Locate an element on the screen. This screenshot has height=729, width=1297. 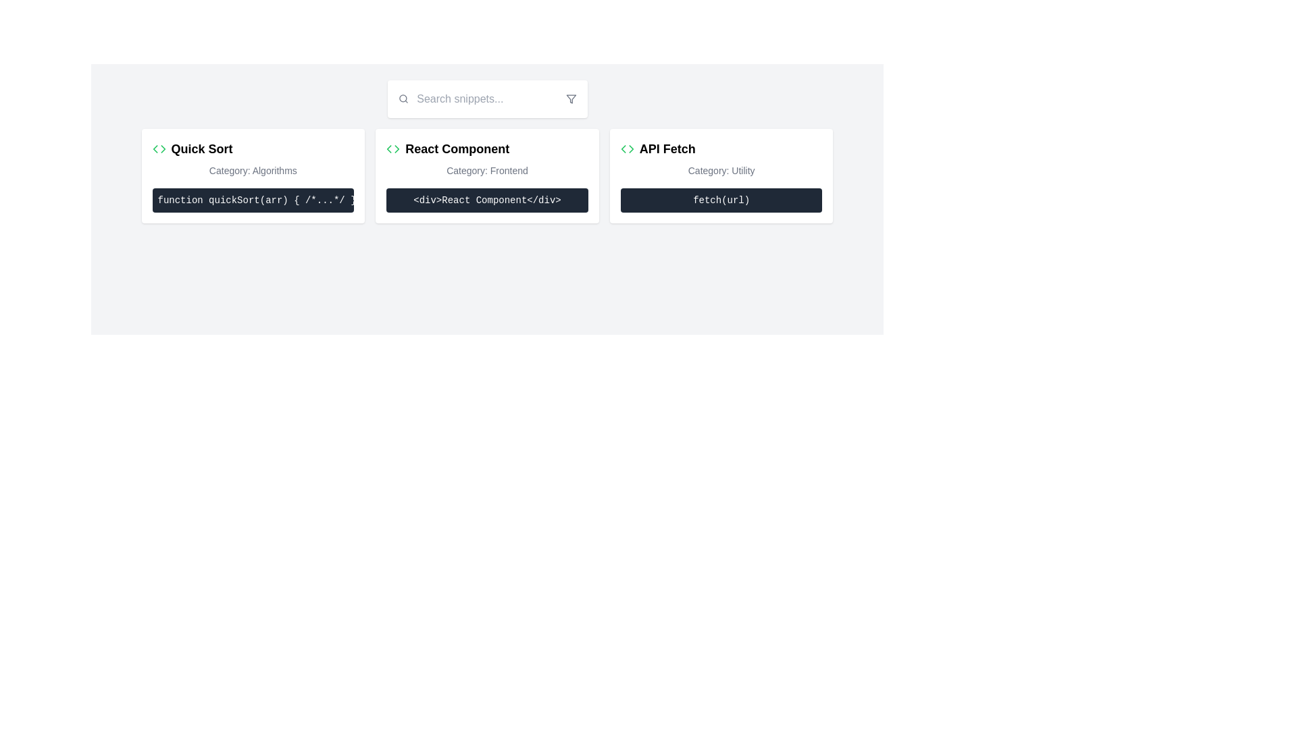
the green coding icon within the 'Quick Sort' card, which is a vector graphic shape in the SVG element is located at coordinates (162, 148).